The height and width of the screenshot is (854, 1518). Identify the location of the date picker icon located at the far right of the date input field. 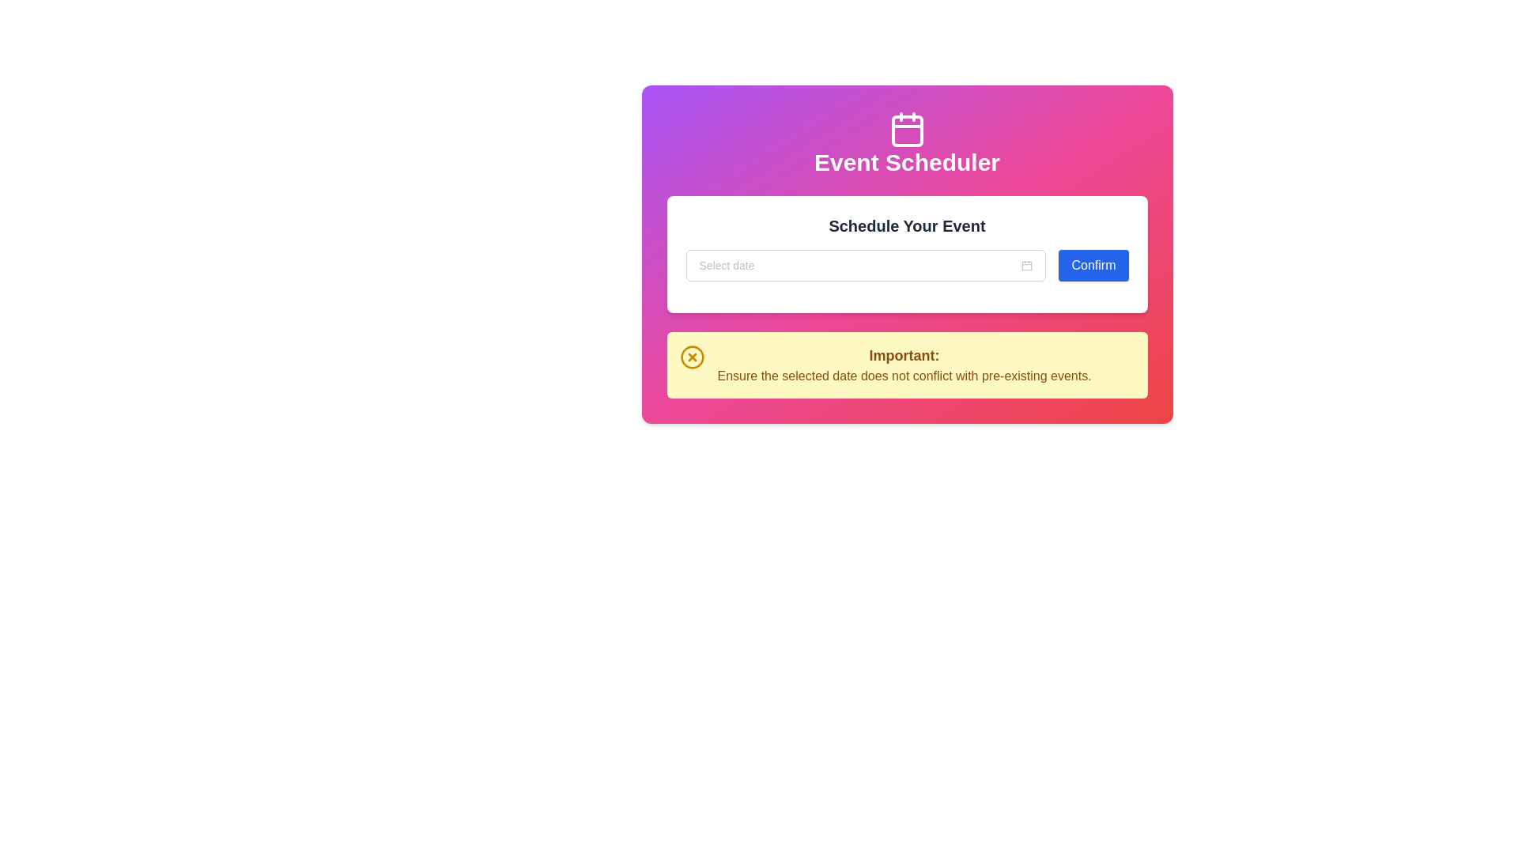
(1027, 264).